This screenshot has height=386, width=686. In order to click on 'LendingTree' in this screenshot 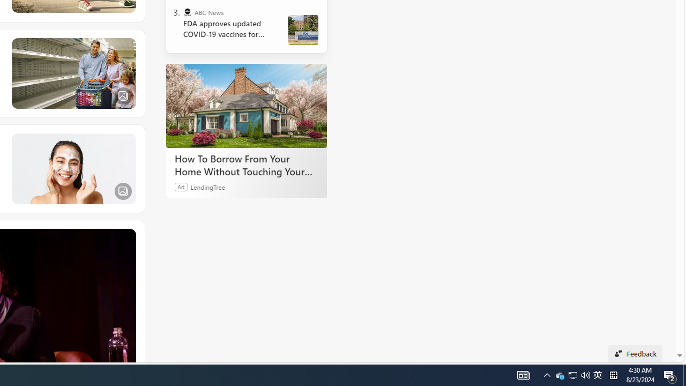, I will do `click(207, 186)`.